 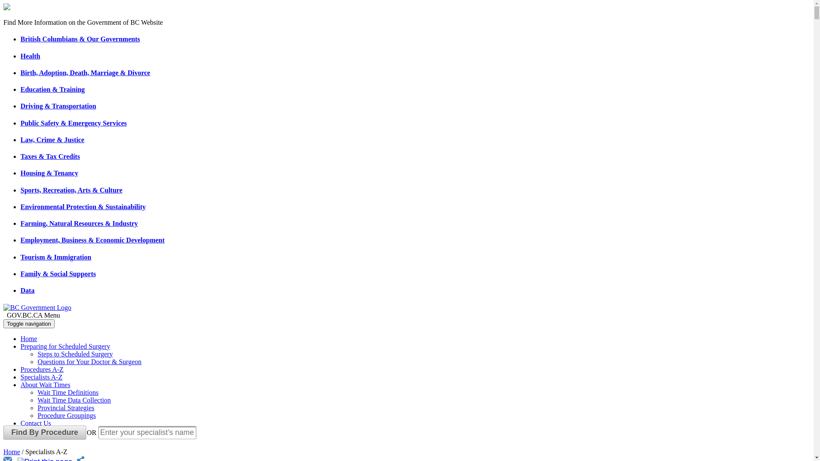 I want to click on 'Family & Social Supports', so click(x=20, y=274).